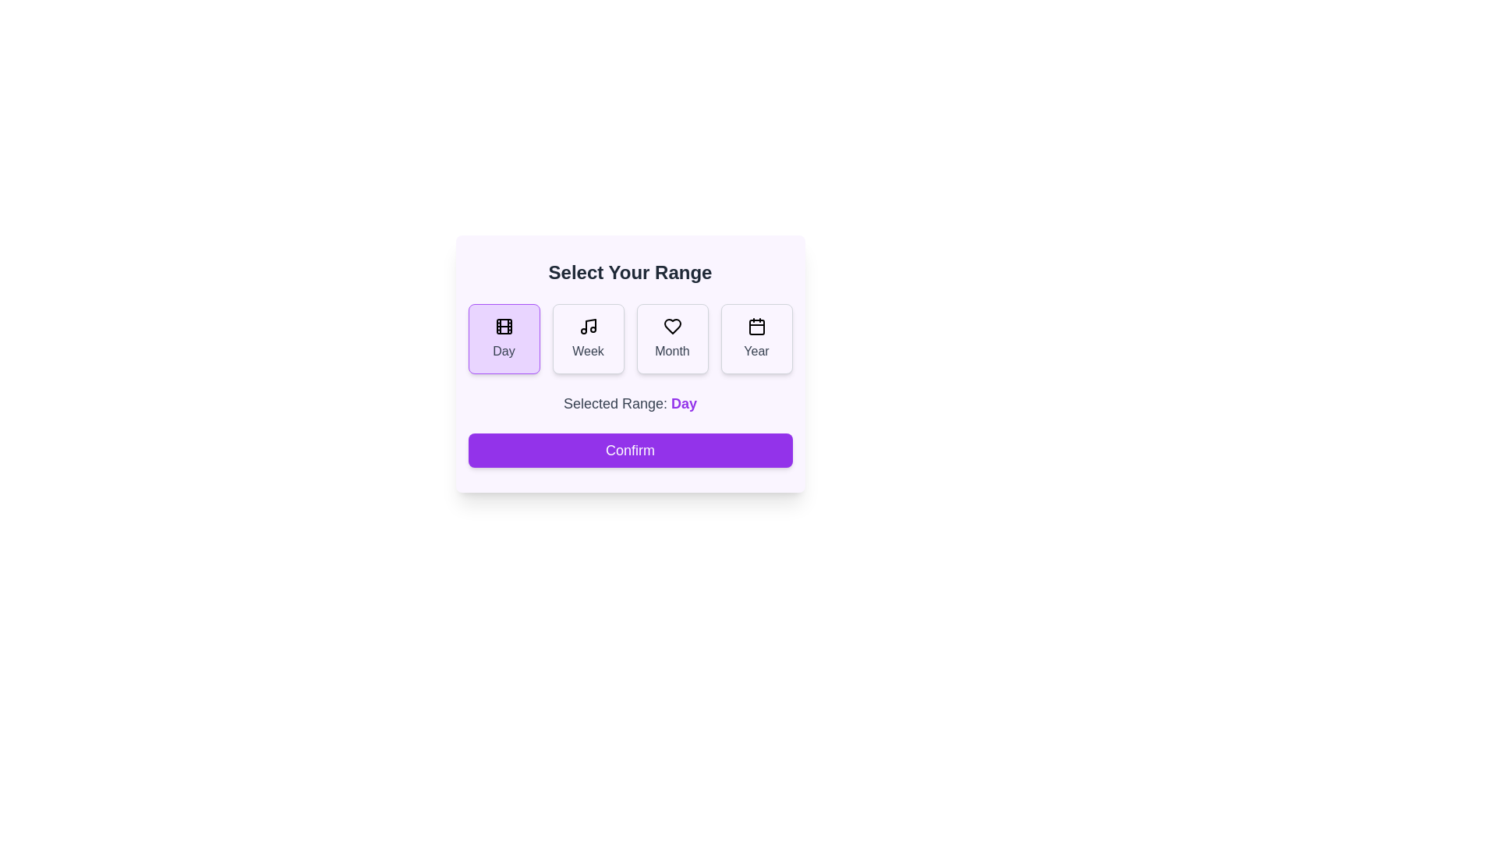 This screenshot has height=842, width=1497. Describe the element at coordinates (756, 352) in the screenshot. I see `the 'Year' text label, which serves as a descriptive label for the 'Year' selection option, located within the fourth interactive option from the left on the 'Select Your Range' panel` at that location.